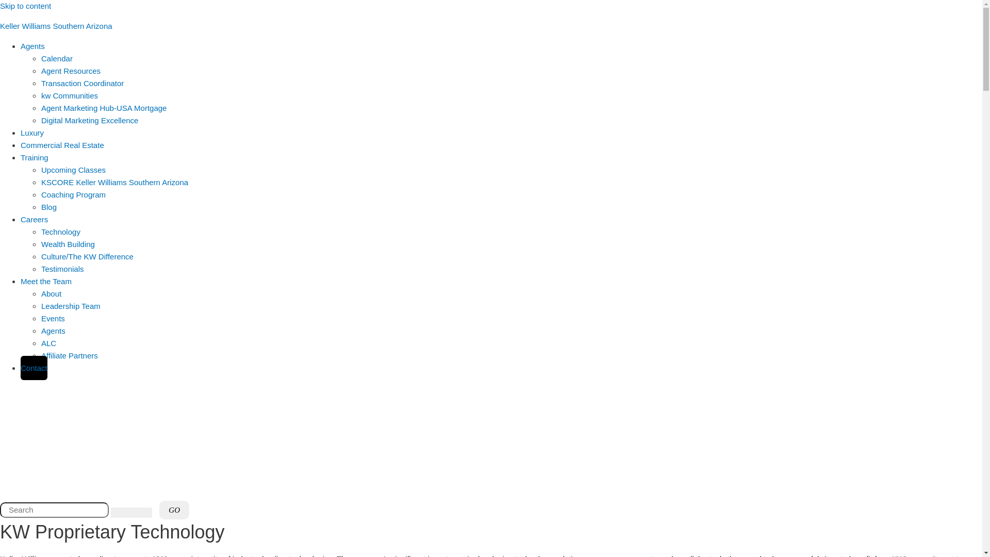 The height and width of the screenshot is (557, 990). I want to click on 'Meet the Team', so click(20, 281).